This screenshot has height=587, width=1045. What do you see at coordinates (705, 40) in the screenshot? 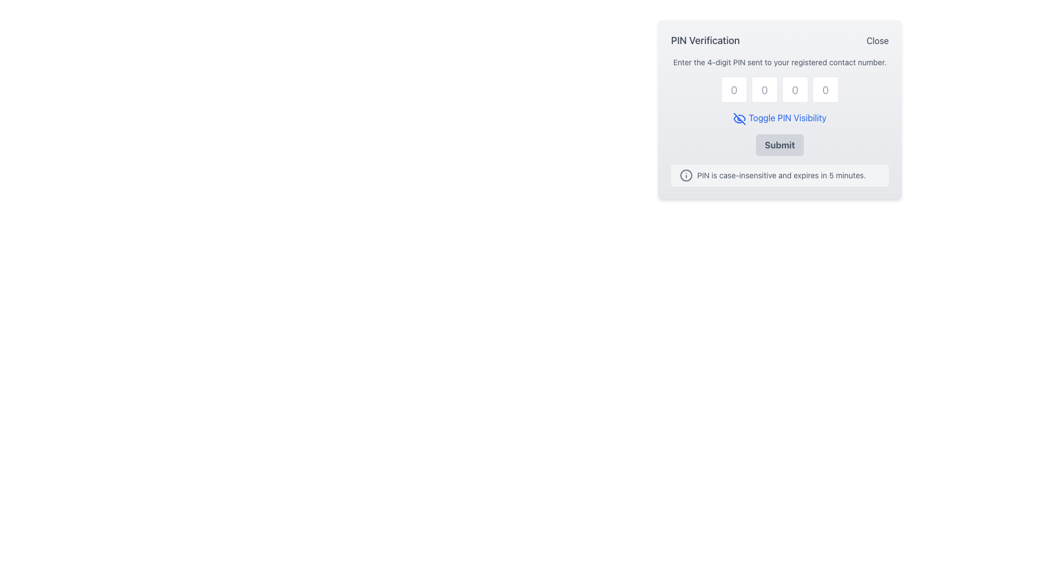
I see `text from the Text Label that indicates the interface is for verifying a PIN, located at the top-left corner of the modal-like box` at bounding box center [705, 40].